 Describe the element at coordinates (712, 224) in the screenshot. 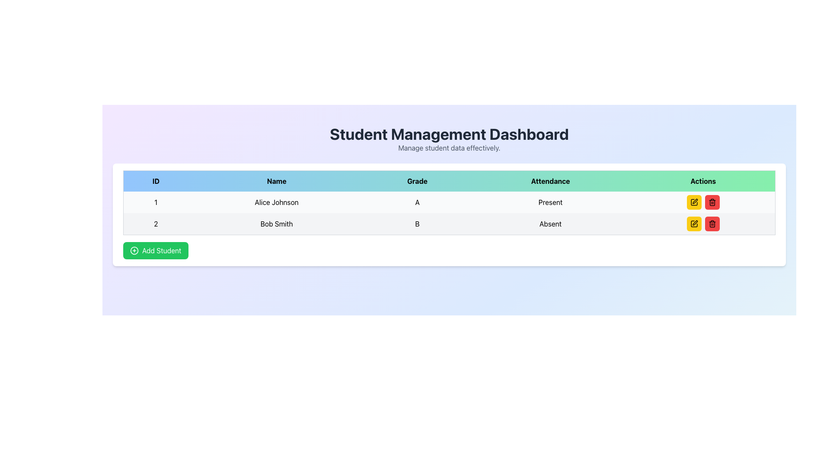

I see `the red trash icon button located in the second row of the 'Actions' column in the Student Management Dashboard` at that location.